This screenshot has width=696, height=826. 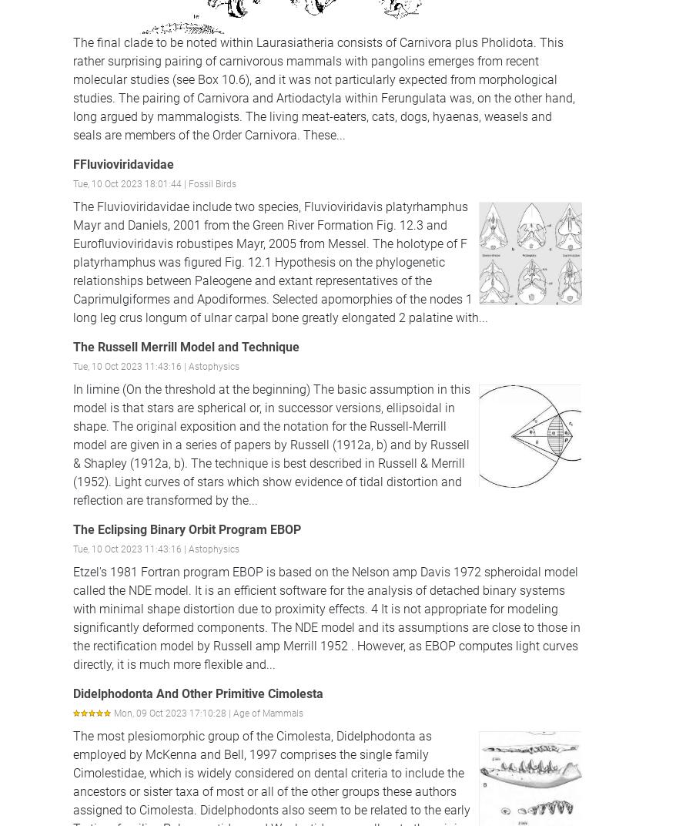 I want to click on 'FFluvioviridavidae', so click(x=122, y=163).